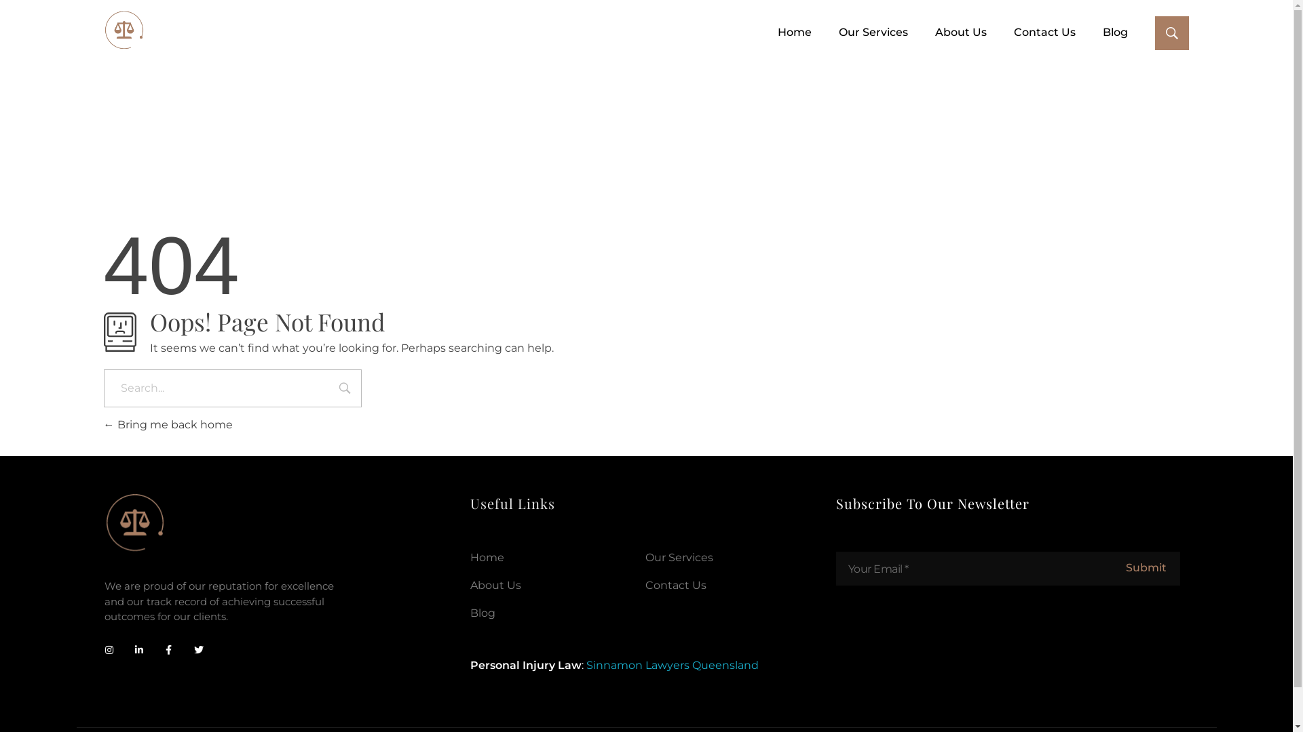 The height and width of the screenshot is (732, 1303). What do you see at coordinates (470, 584) in the screenshot?
I see `'About Us'` at bounding box center [470, 584].